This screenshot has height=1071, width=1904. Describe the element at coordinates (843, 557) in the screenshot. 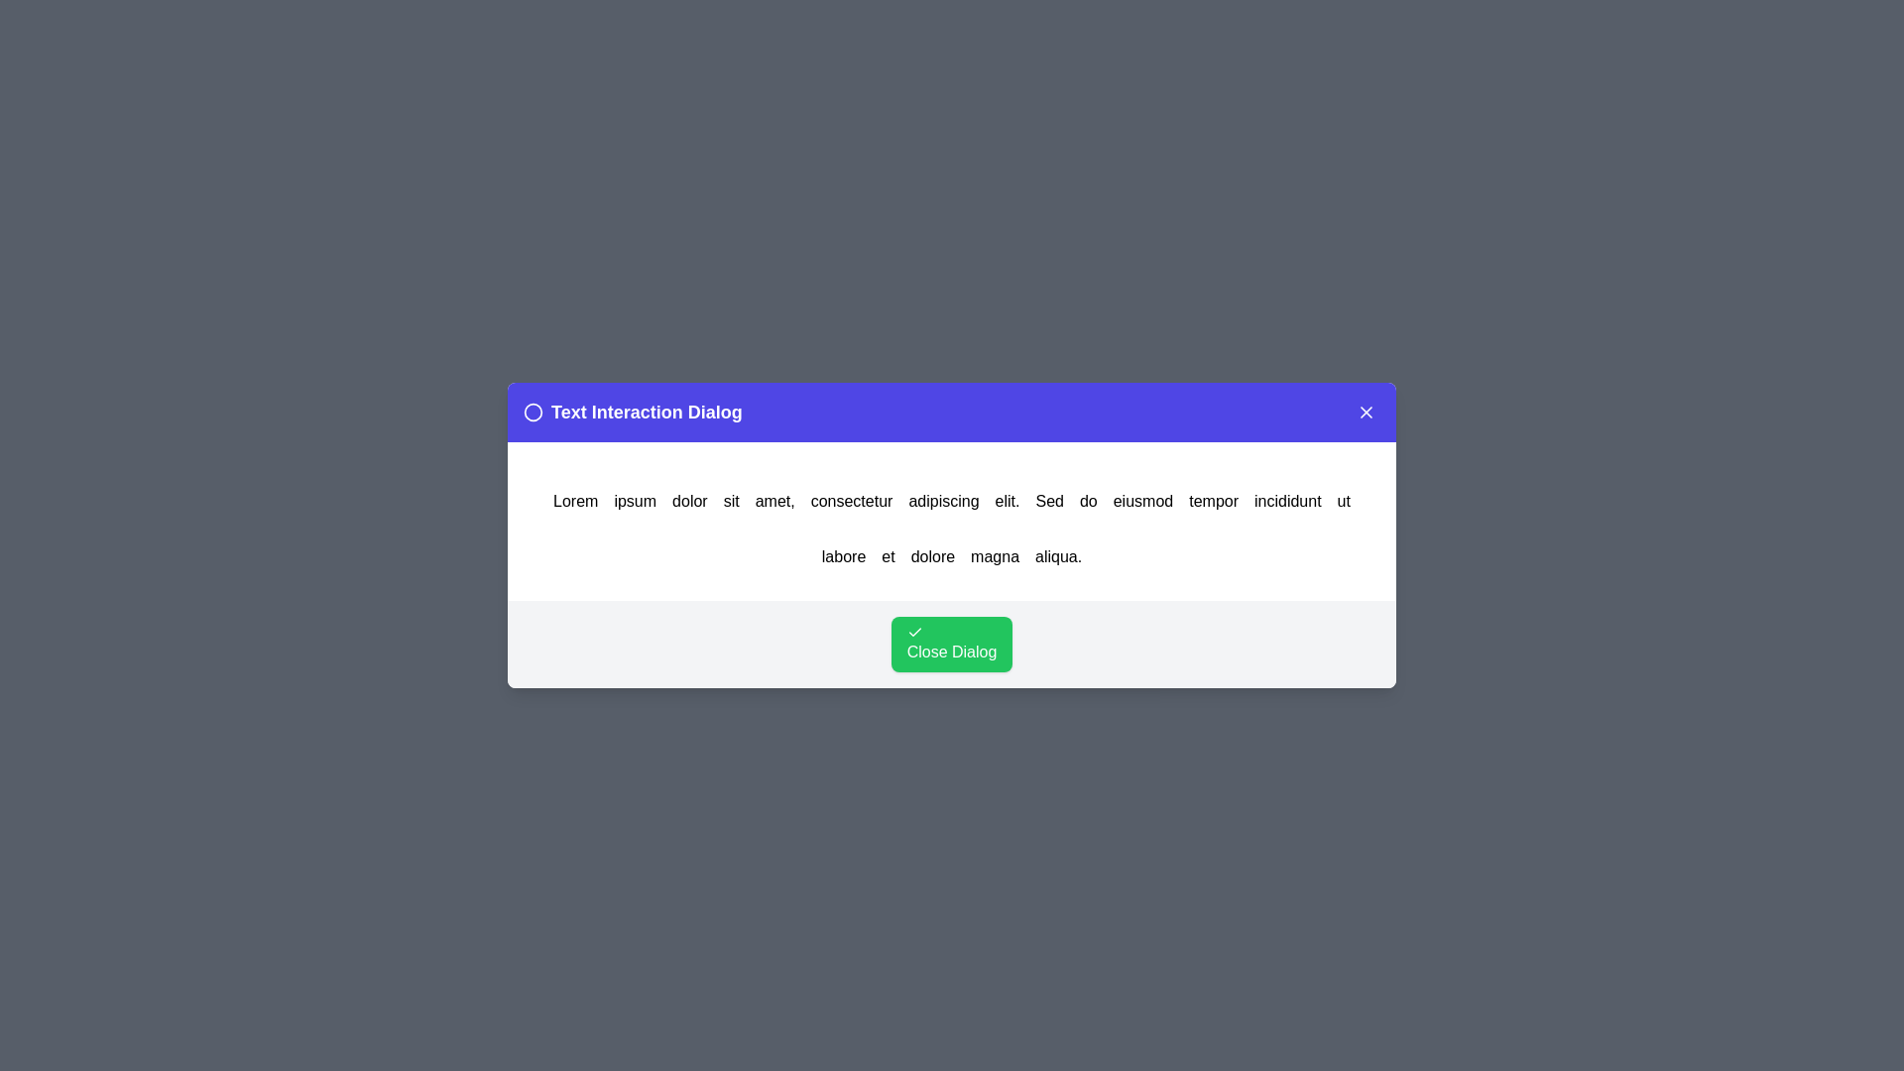

I see `the word labore in the text to trigger an alert displaying the clicked word` at that location.